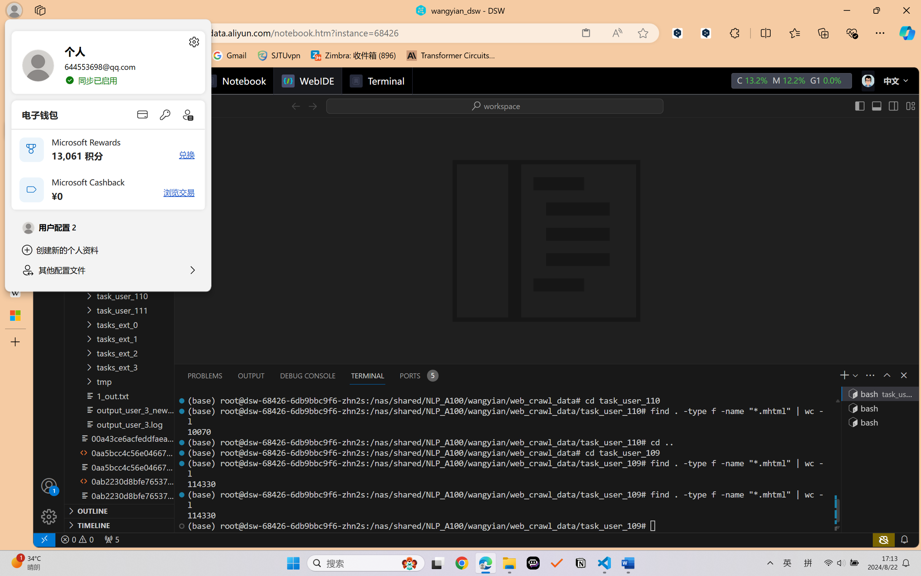  What do you see at coordinates (903, 539) in the screenshot?
I see `'Notifications'` at bounding box center [903, 539].